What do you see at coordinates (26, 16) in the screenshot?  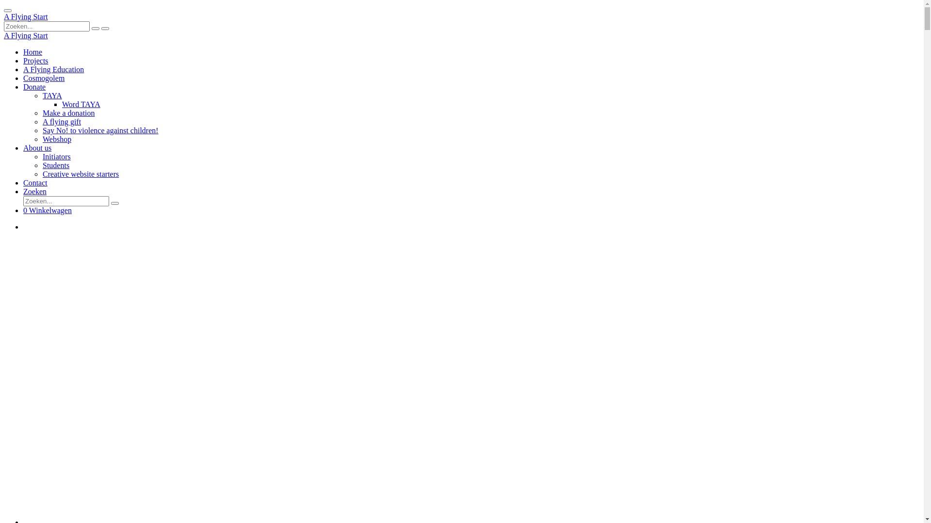 I see `'A Flying Start'` at bounding box center [26, 16].